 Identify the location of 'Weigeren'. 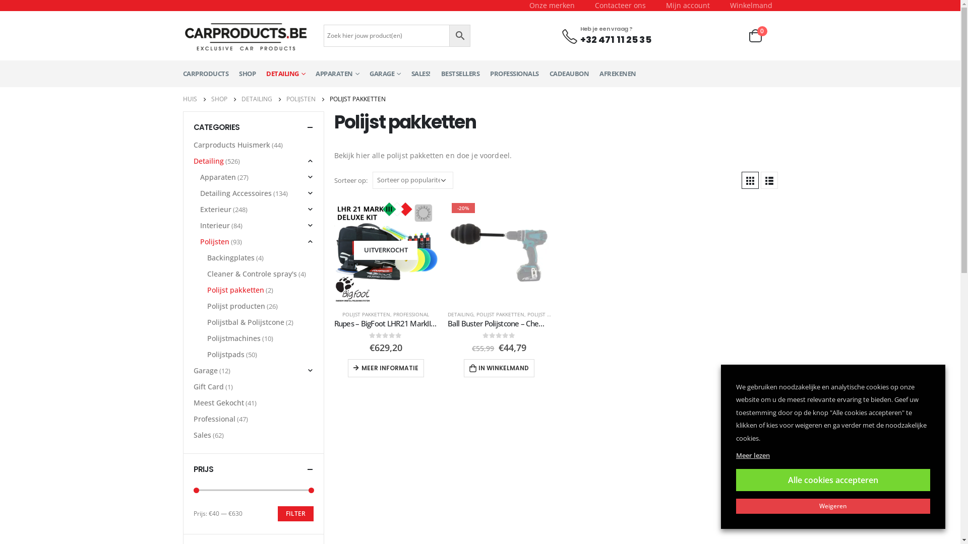
(833, 506).